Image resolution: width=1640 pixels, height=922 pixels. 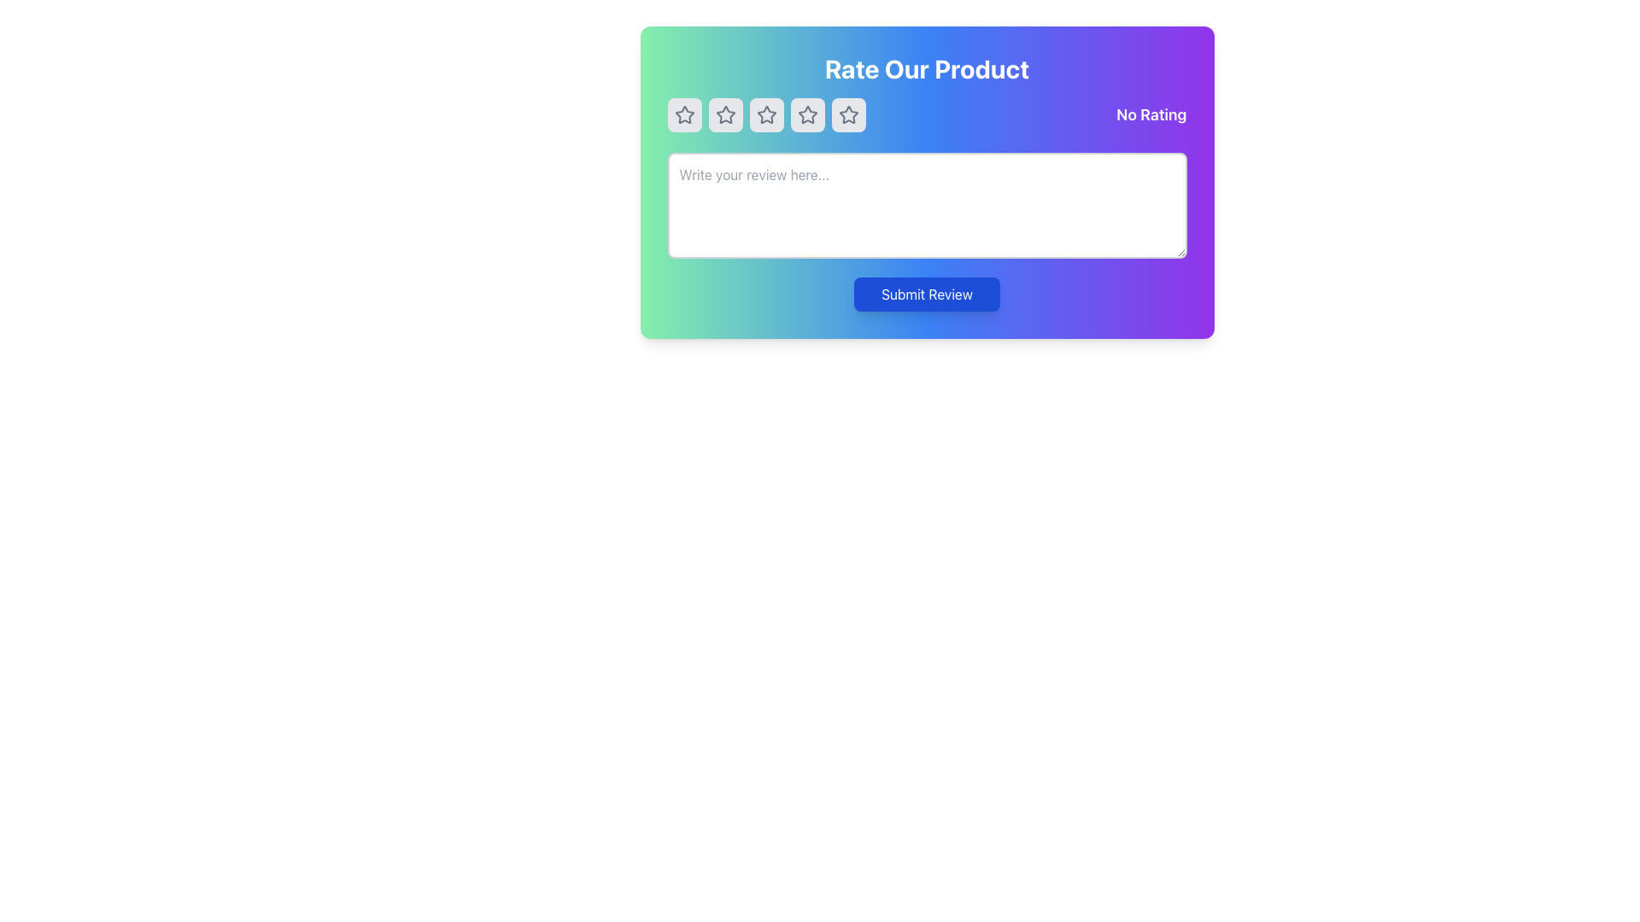 I want to click on the 'Submit Review' button, so click(x=926, y=293).